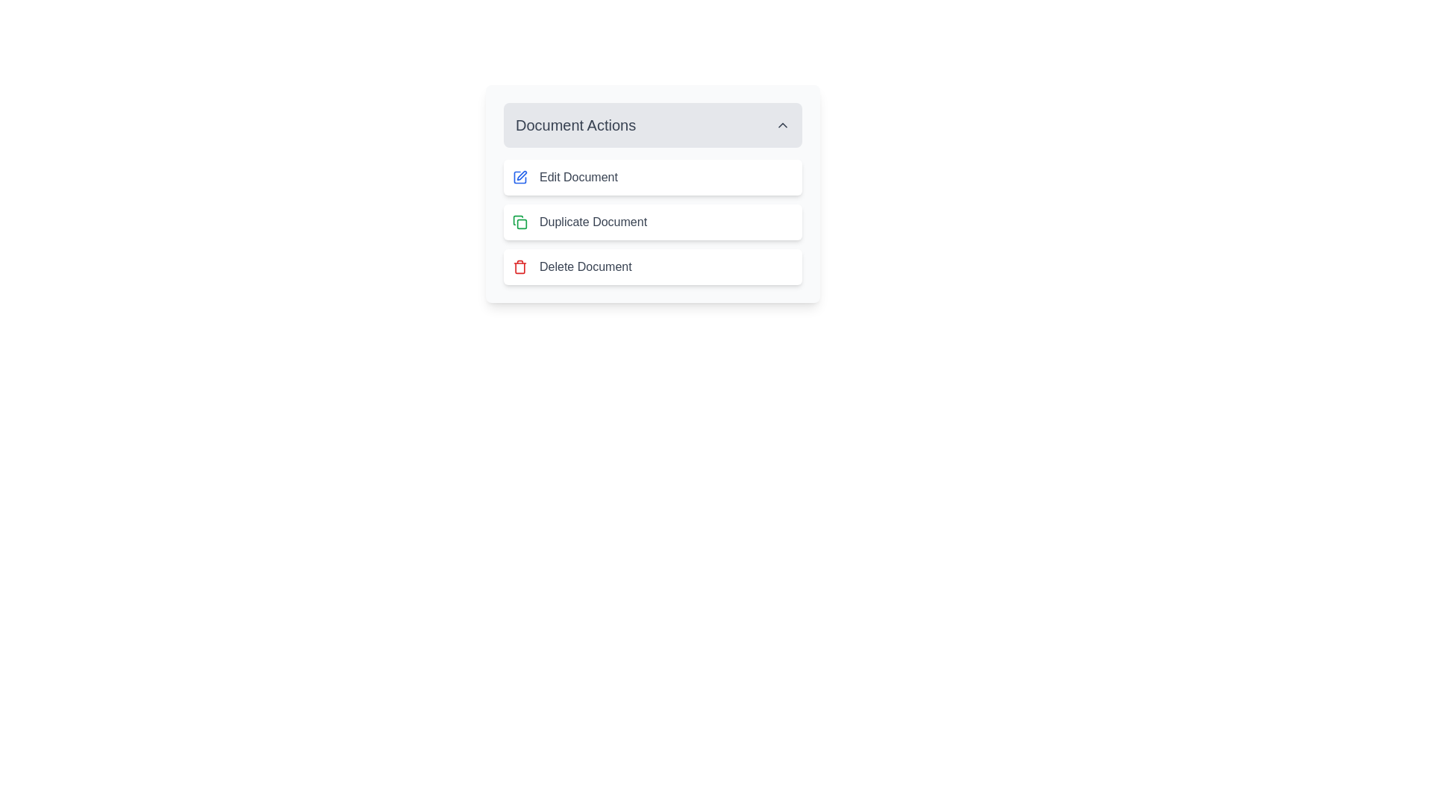 The image size is (1433, 806). What do you see at coordinates (782, 125) in the screenshot?
I see `the chevron up icon located at the rightmost edge of the 'Document Actions' section` at bounding box center [782, 125].